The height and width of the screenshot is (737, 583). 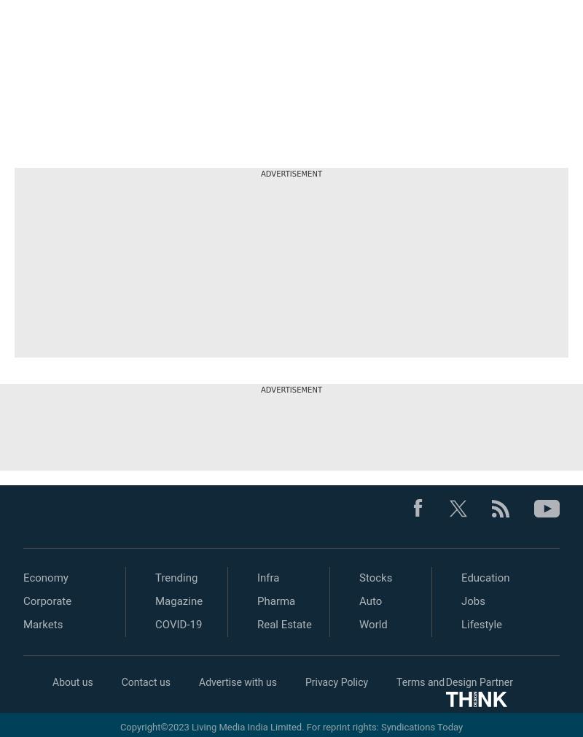 I want to click on 'Lifestyle', so click(x=480, y=624).